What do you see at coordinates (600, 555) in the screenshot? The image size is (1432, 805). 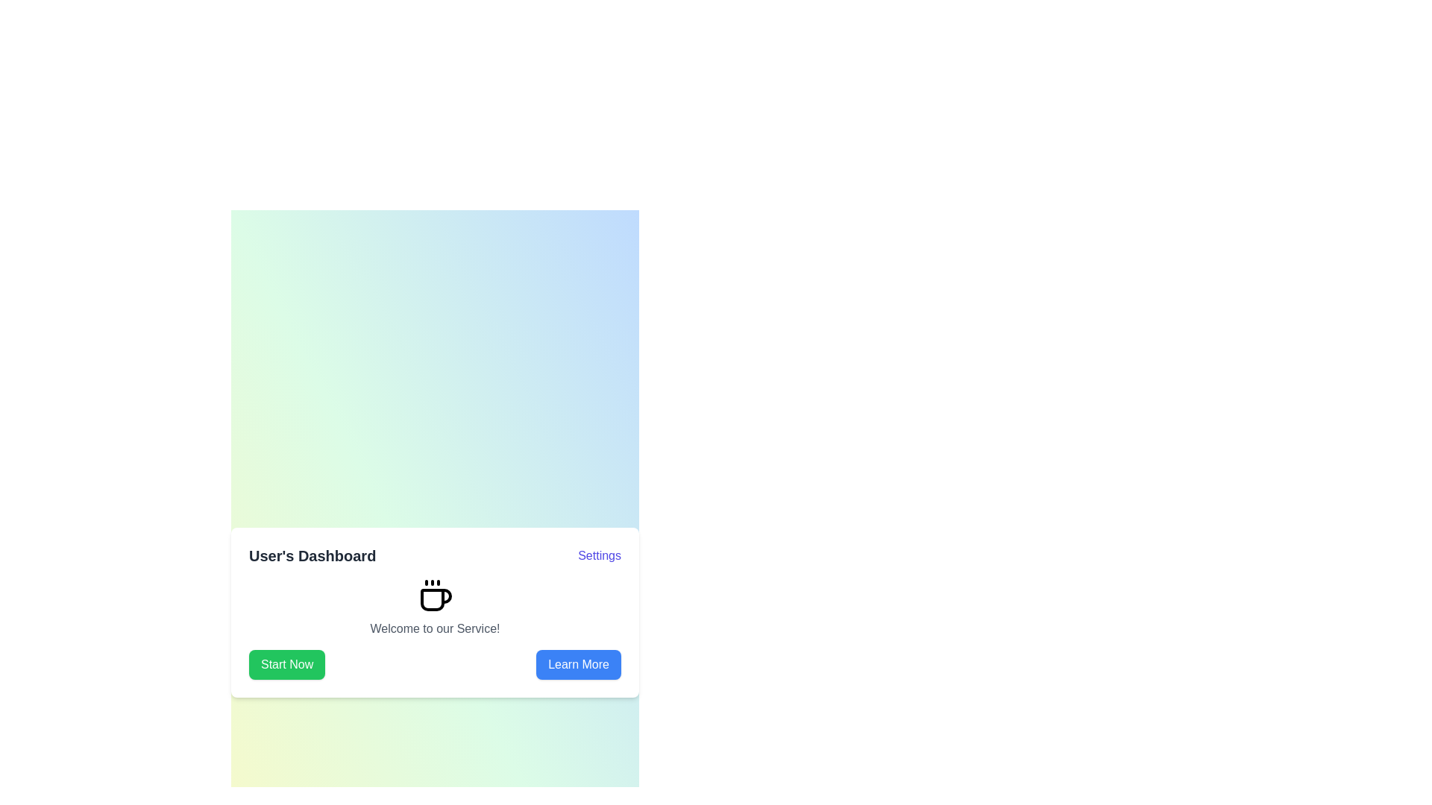 I see `the 'Settings' hyperlink` at bounding box center [600, 555].